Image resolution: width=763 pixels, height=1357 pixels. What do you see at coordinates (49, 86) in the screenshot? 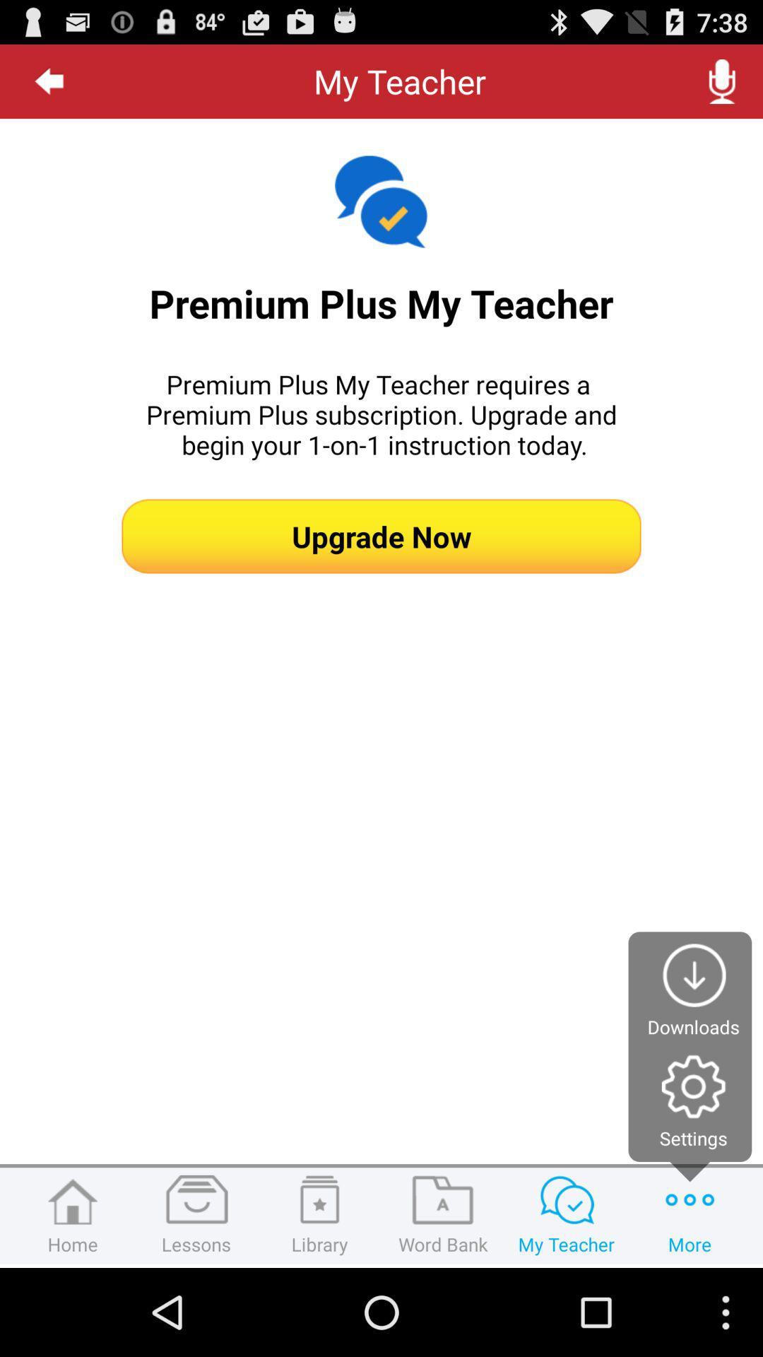
I see `the arrow_backward icon` at bounding box center [49, 86].